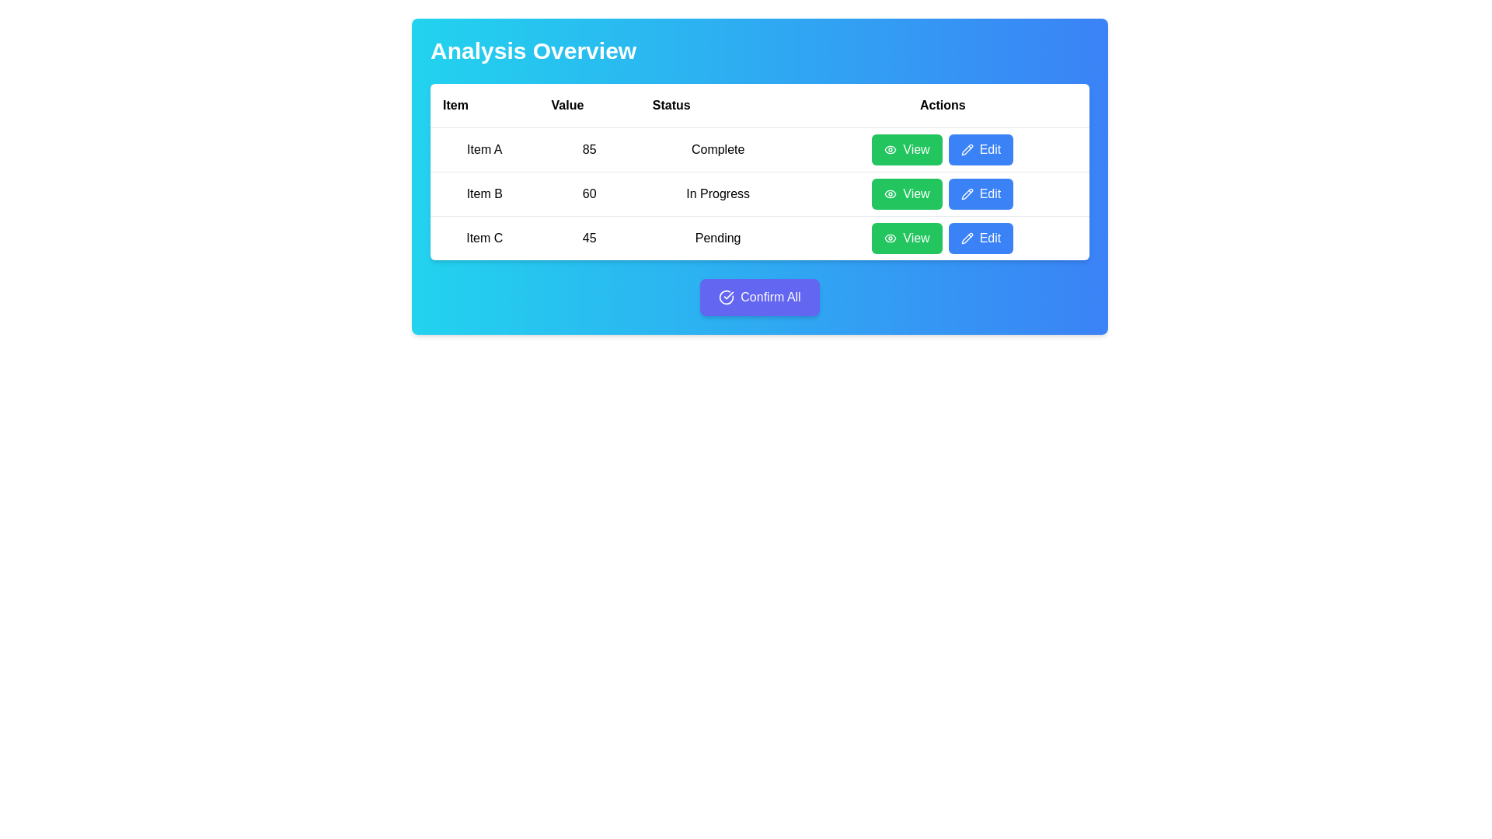 This screenshot has height=839, width=1492. Describe the element at coordinates (588, 149) in the screenshot. I see `the numeric value text label associated with 'Item A' in the table, located centrally in the 'Value' column` at that location.